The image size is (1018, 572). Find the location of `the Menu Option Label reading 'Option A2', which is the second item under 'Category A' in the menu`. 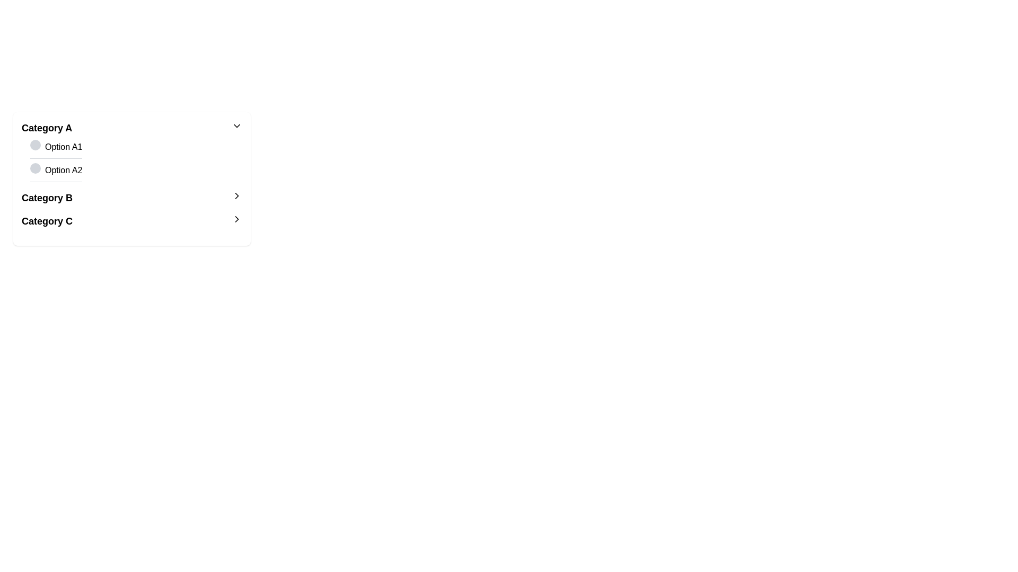

the Menu Option Label reading 'Option A2', which is the second item under 'Category A' in the menu is located at coordinates (63, 169).